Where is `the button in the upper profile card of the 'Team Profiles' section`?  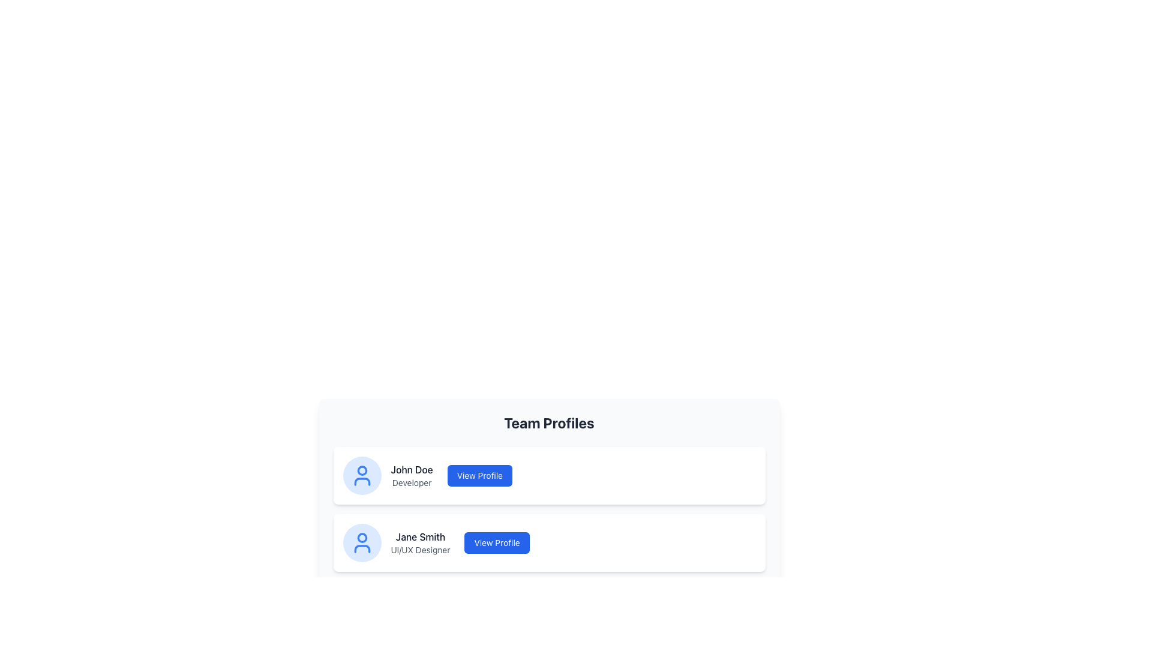 the button in the upper profile card of the 'Team Profiles' section is located at coordinates (479, 475).